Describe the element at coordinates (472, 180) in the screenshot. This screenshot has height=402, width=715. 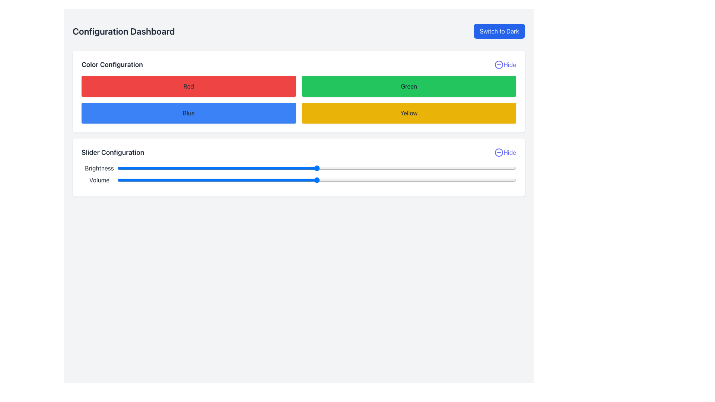
I see `volume` at that location.